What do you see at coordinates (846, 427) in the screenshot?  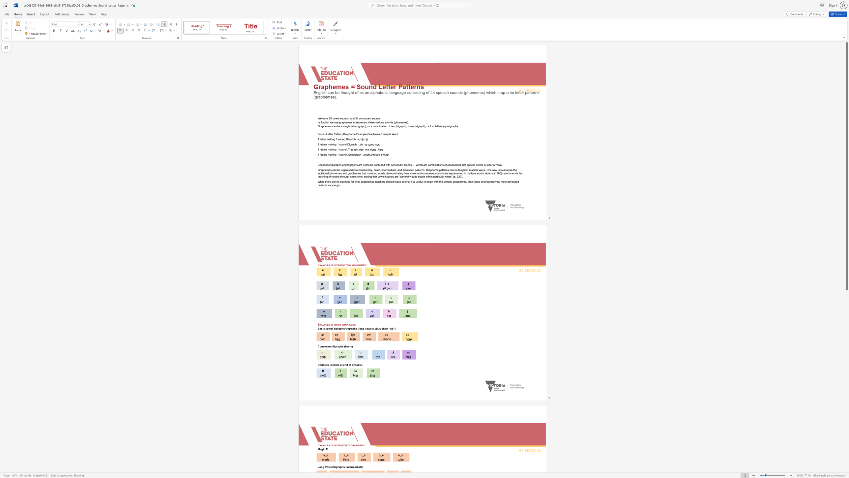 I see `the scrollbar on the right to shift the page lower` at bounding box center [846, 427].